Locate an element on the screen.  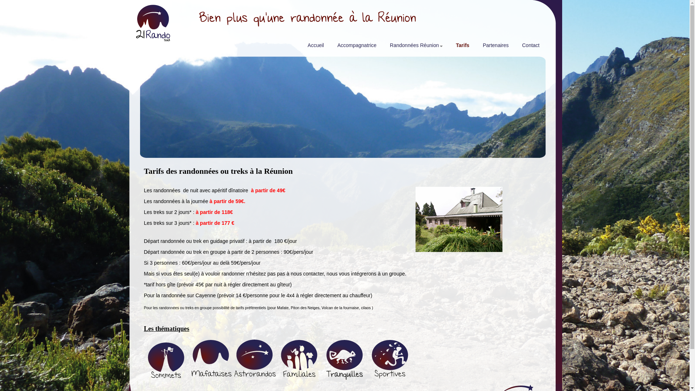
'Tarifs' is located at coordinates (462, 47).